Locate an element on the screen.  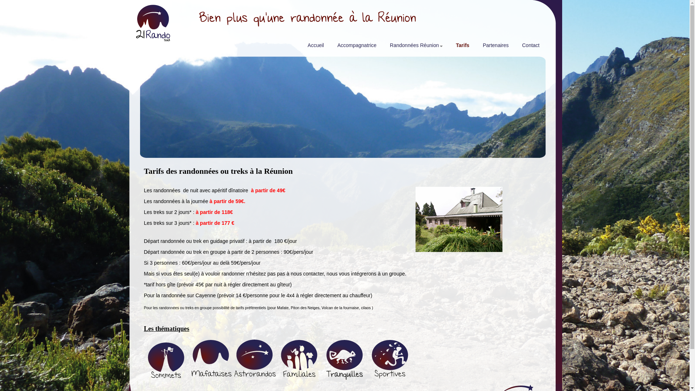
'Tarifs' is located at coordinates (462, 47).